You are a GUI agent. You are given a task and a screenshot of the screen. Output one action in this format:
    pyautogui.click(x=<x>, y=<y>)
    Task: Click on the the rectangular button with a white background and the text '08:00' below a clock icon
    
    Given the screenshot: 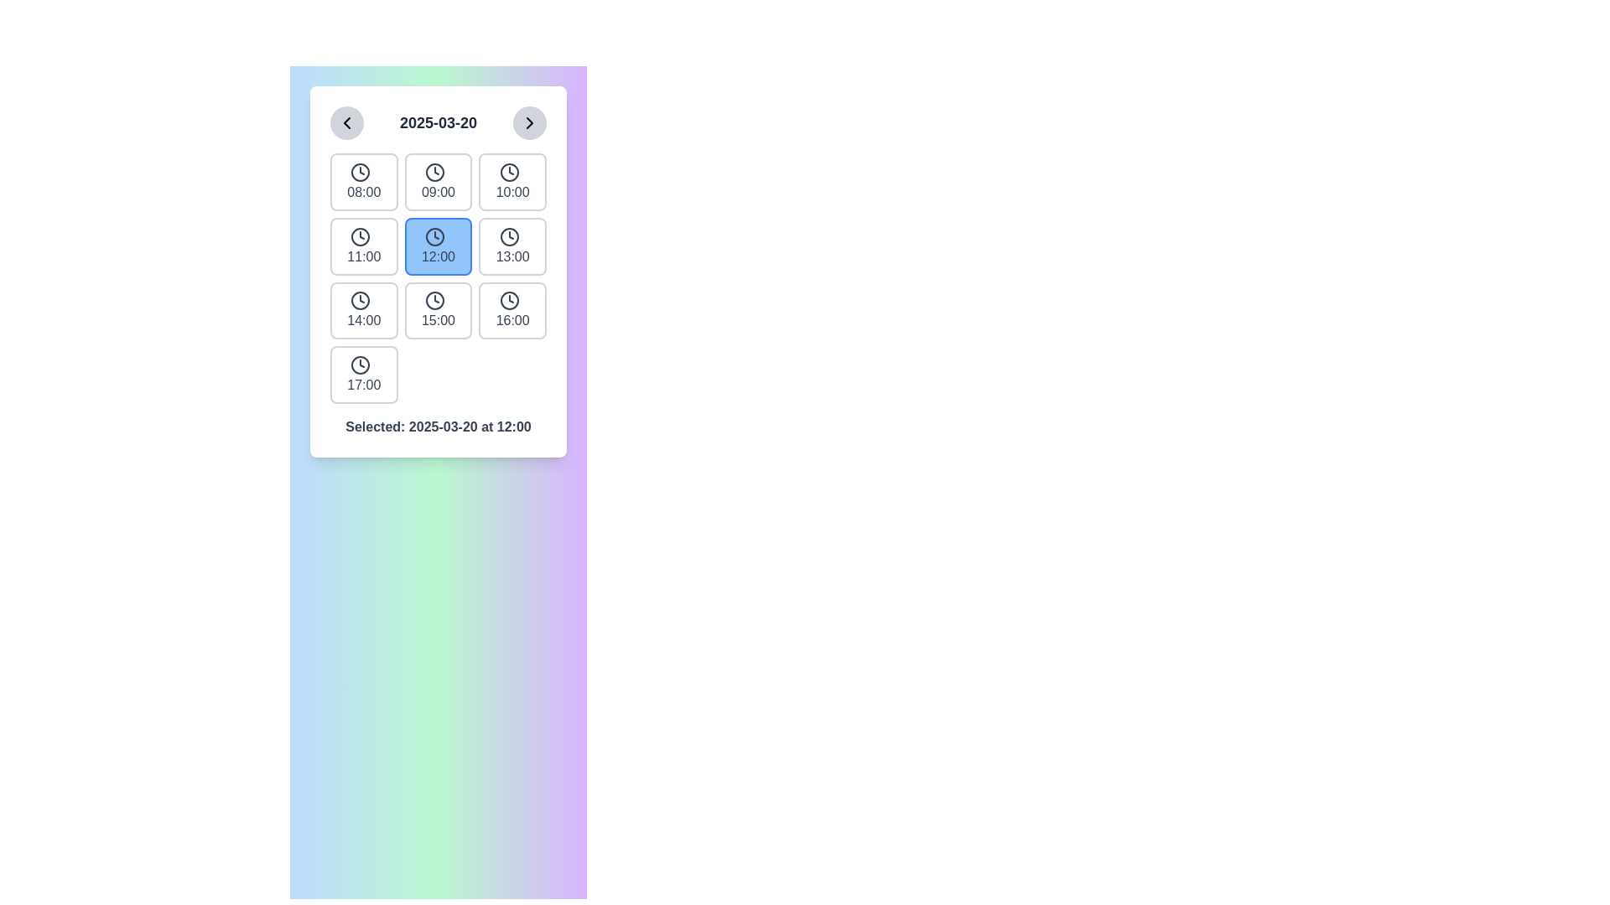 What is the action you would take?
    pyautogui.click(x=363, y=182)
    